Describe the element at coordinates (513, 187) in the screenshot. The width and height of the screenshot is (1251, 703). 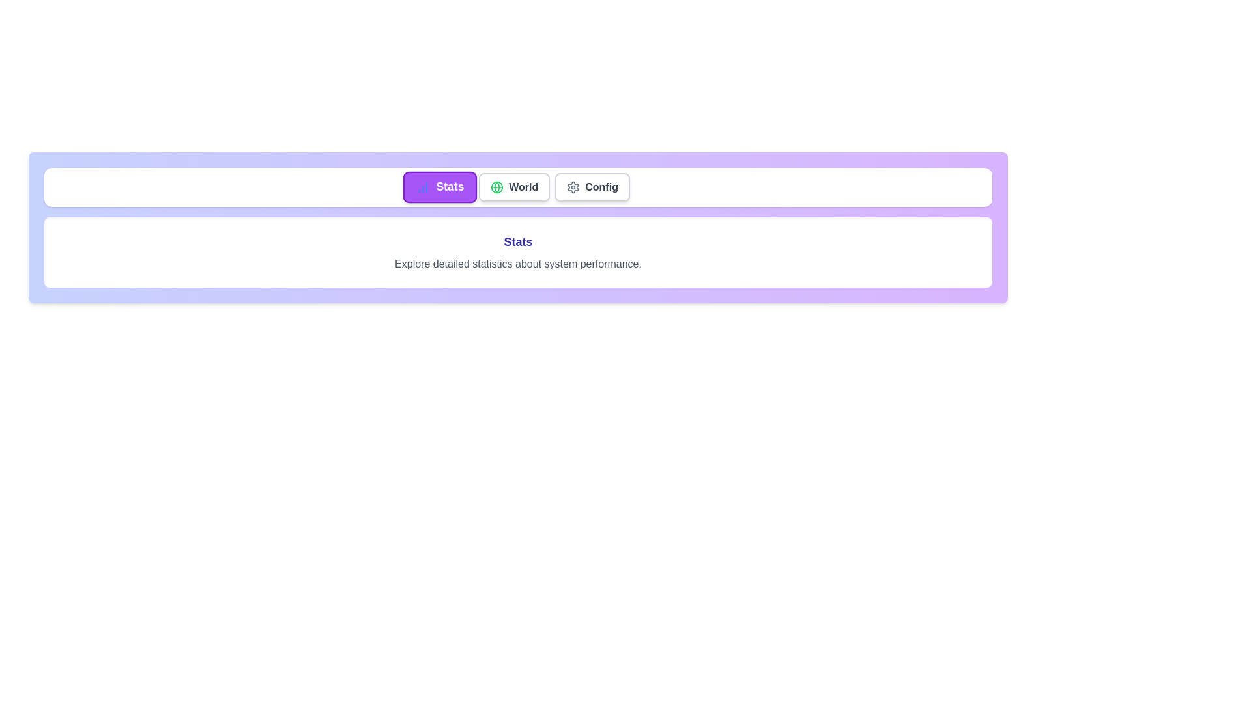
I see `the tab labeled World` at that location.